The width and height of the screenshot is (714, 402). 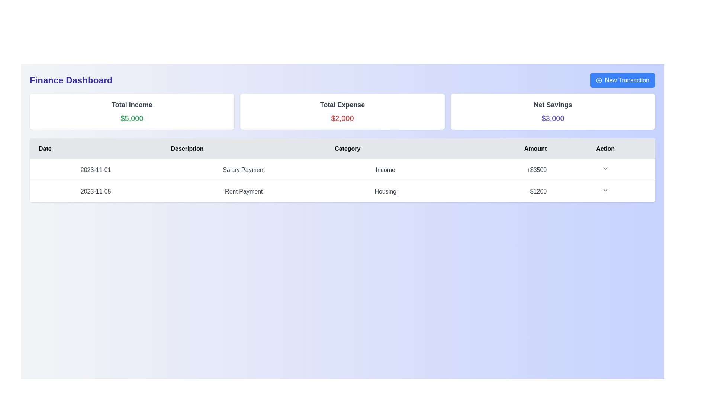 What do you see at coordinates (95, 191) in the screenshot?
I see `the static text label displaying the date '2023-11-05', which is located at the start of the second row in a tabular data layout and is the leftmost entry in that row` at bounding box center [95, 191].